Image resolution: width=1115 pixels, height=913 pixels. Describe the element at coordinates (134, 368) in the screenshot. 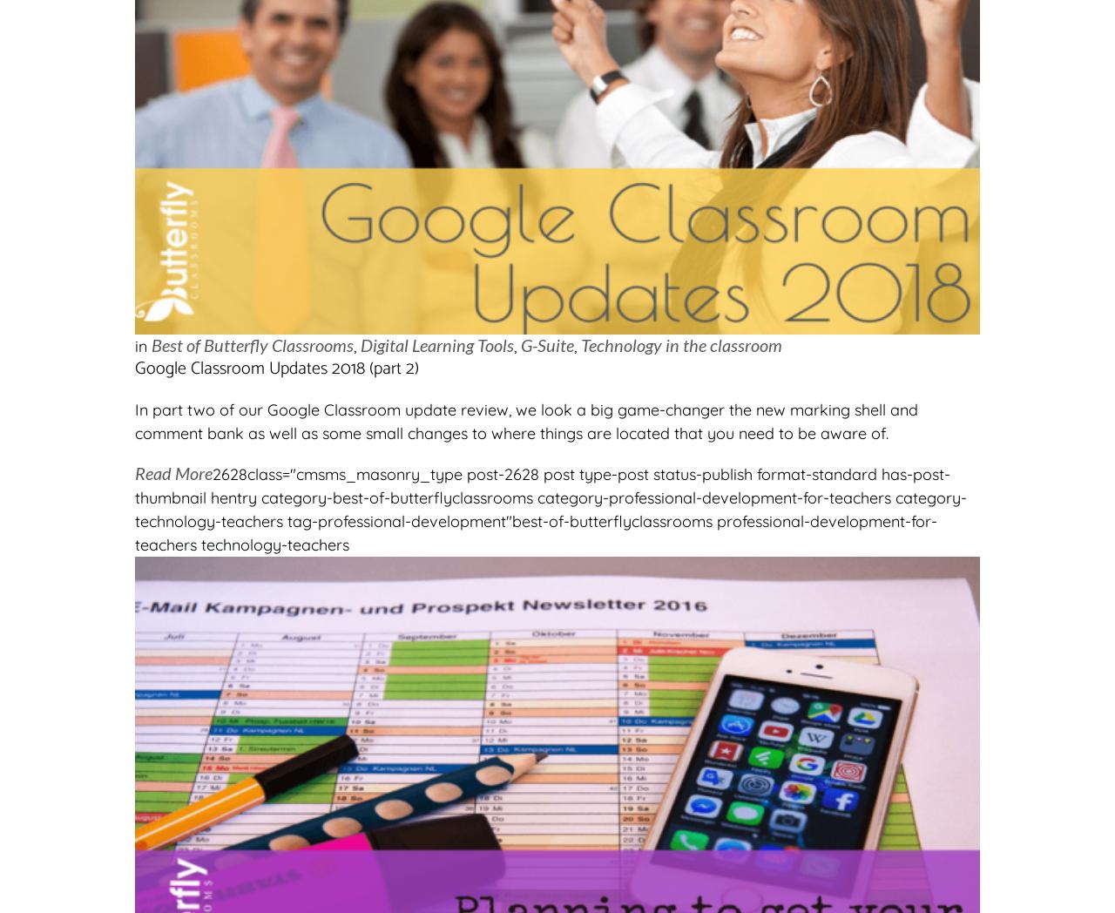

I see `'Google Classroom Updates 2018 (part 2)'` at that location.